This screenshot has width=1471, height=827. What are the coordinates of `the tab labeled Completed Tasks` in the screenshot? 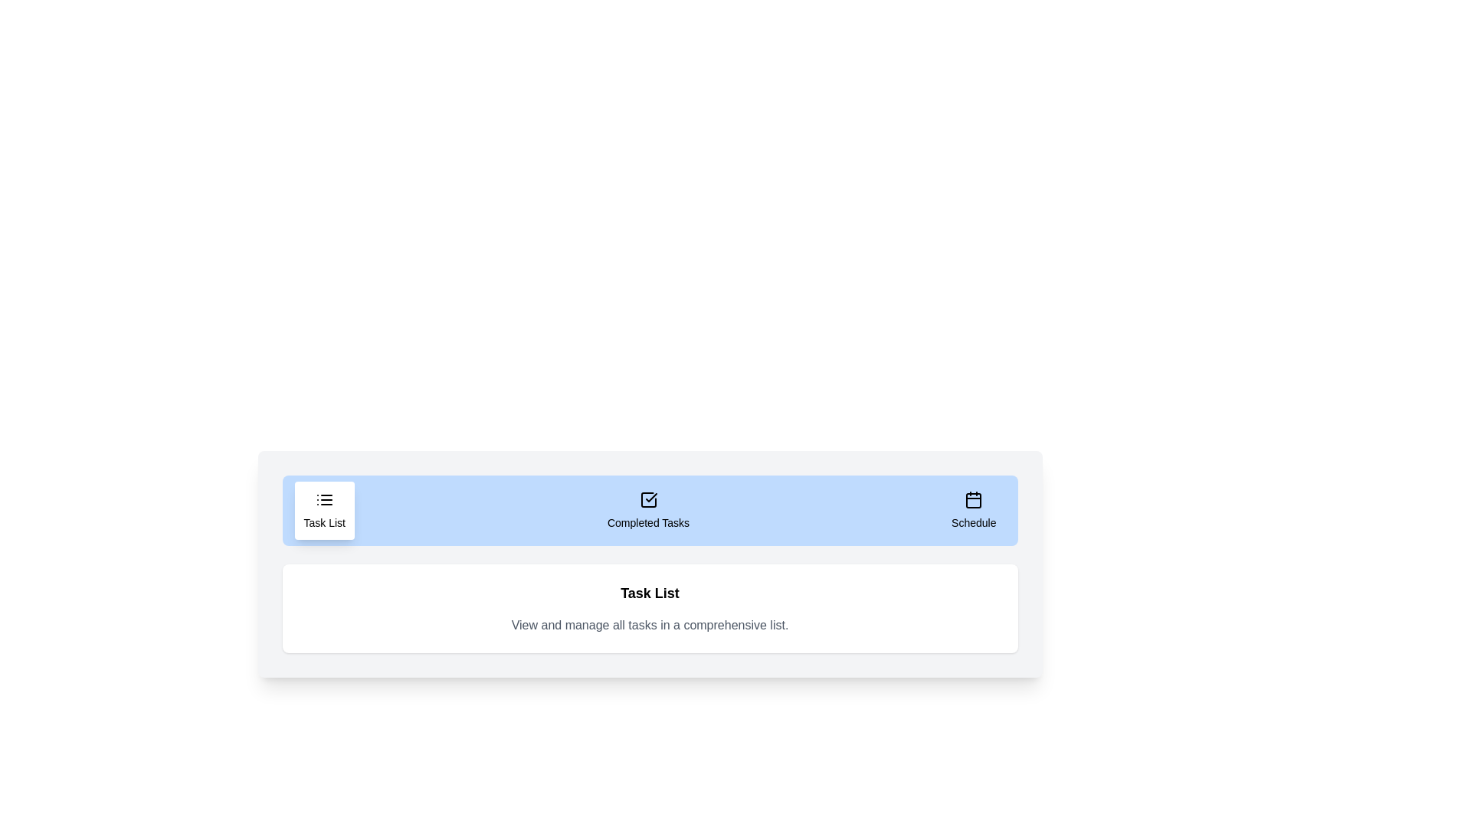 It's located at (647, 511).